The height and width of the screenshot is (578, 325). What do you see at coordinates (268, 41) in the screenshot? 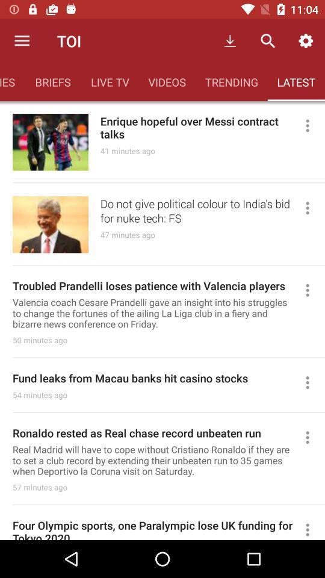
I see `the search icon` at bounding box center [268, 41].